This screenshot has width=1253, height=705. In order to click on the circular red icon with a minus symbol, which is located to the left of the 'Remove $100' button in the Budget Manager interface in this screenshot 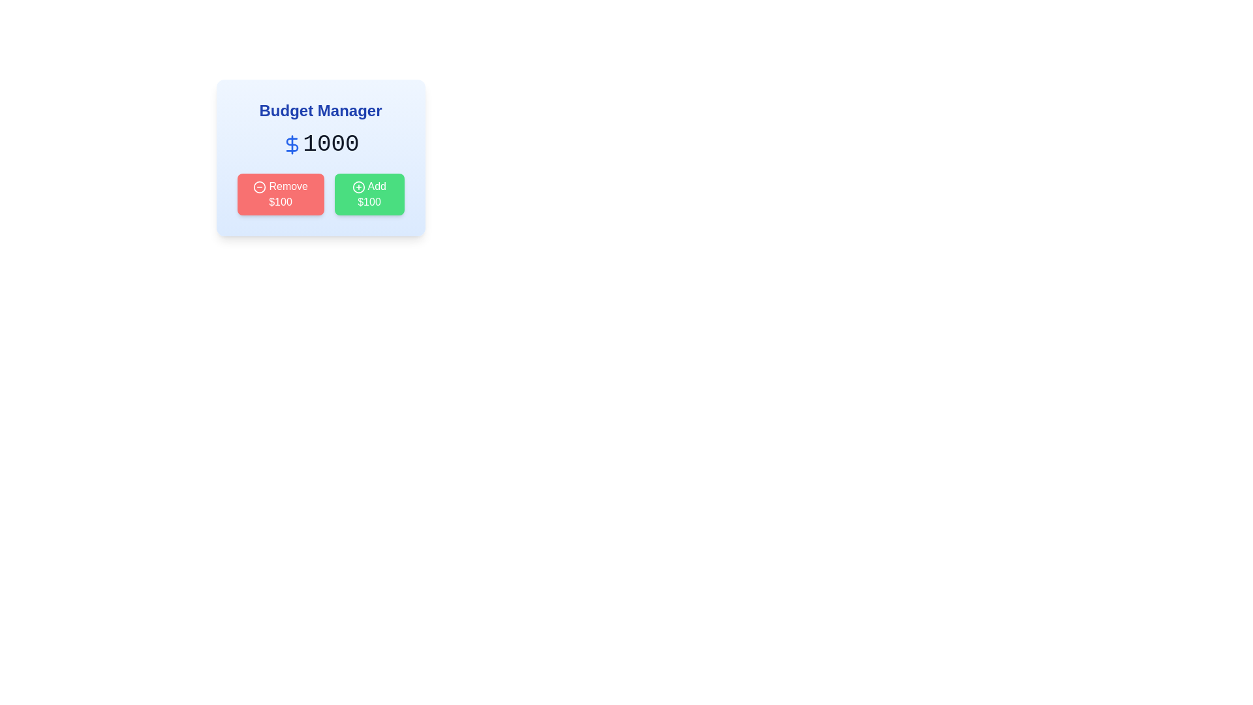, I will do `click(260, 187)`.